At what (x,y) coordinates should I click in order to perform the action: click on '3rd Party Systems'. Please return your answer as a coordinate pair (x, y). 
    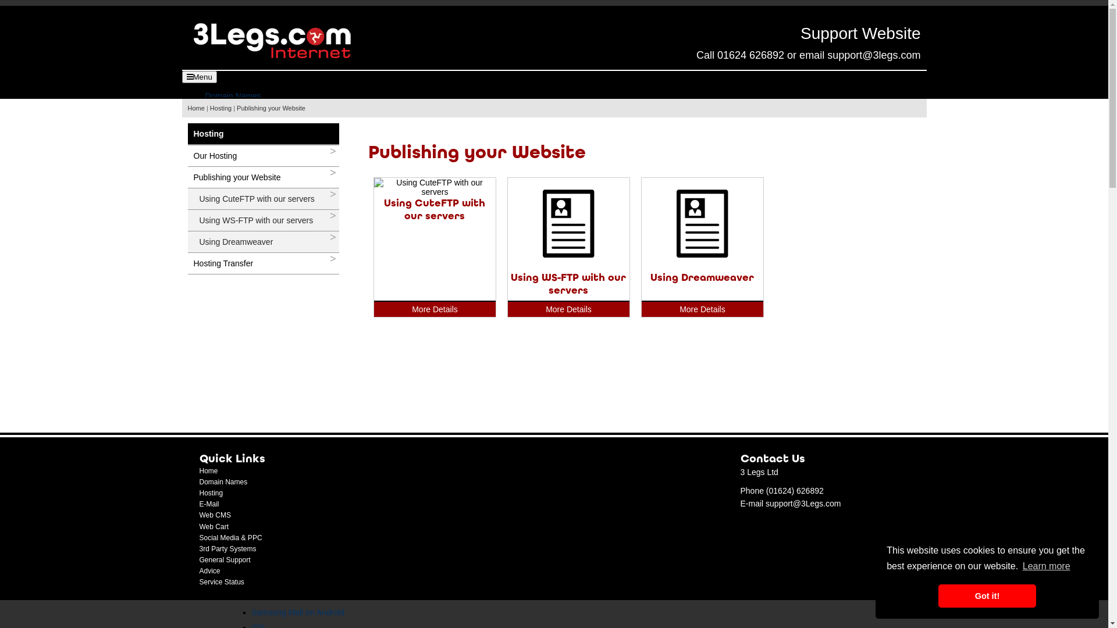
    Looking at the image, I should click on (227, 549).